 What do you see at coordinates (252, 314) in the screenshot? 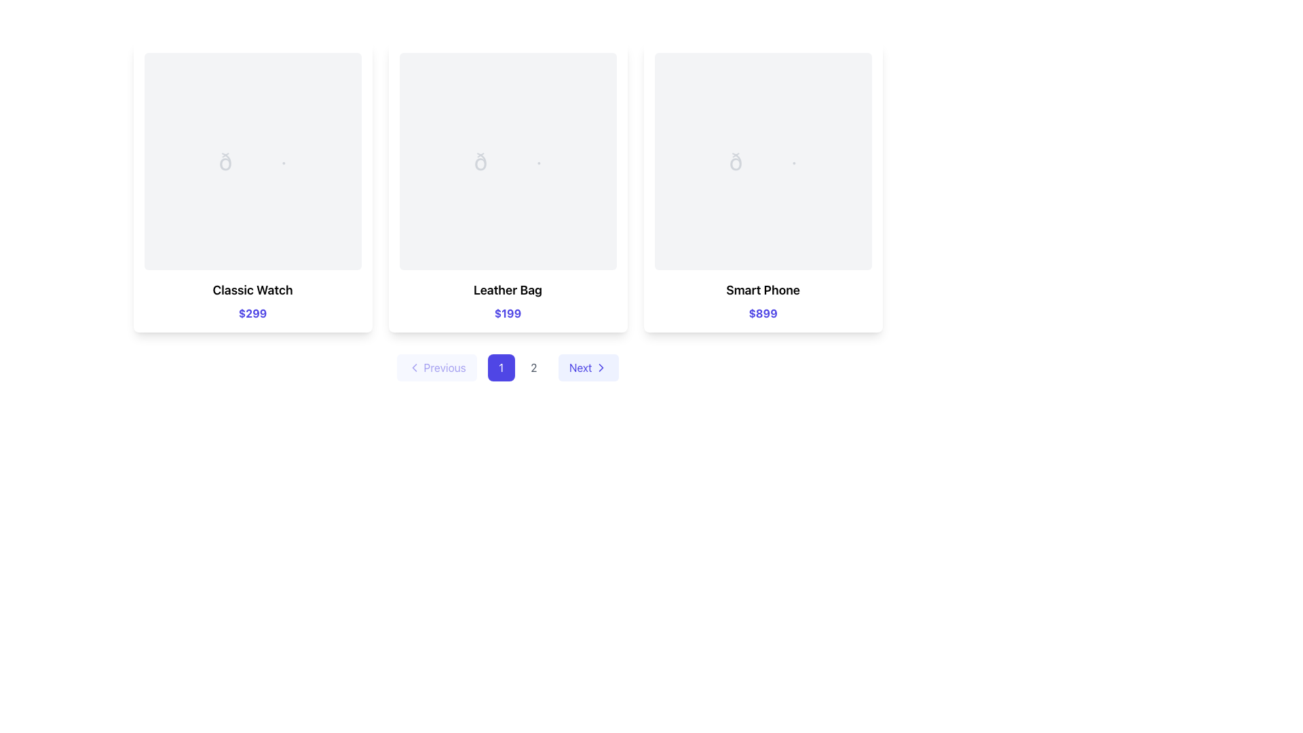
I see `bold indigo text displaying the value '$299' located below 'Classic Watch' in the first card of the grid` at bounding box center [252, 314].